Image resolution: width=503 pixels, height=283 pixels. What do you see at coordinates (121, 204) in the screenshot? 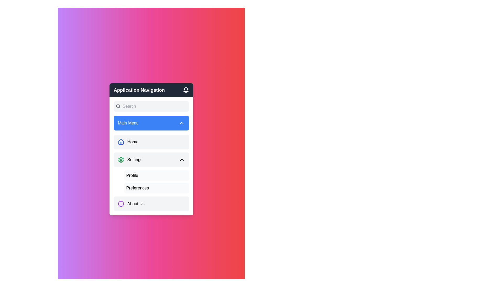
I see `the left-aligned icon within the 'About Us' menu option located at the bottom of the navigation panel` at bounding box center [121, 204].